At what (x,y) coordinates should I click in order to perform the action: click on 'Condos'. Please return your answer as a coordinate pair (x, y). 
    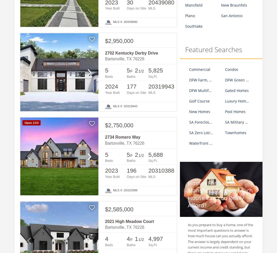
    Looking at the image, I should click on (231, 69).